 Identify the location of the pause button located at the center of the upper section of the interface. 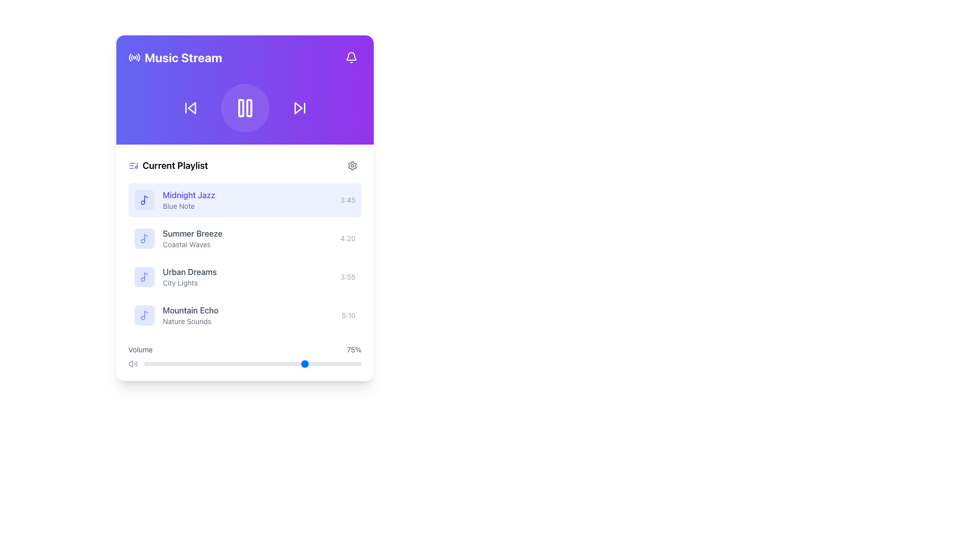
(245, 108).